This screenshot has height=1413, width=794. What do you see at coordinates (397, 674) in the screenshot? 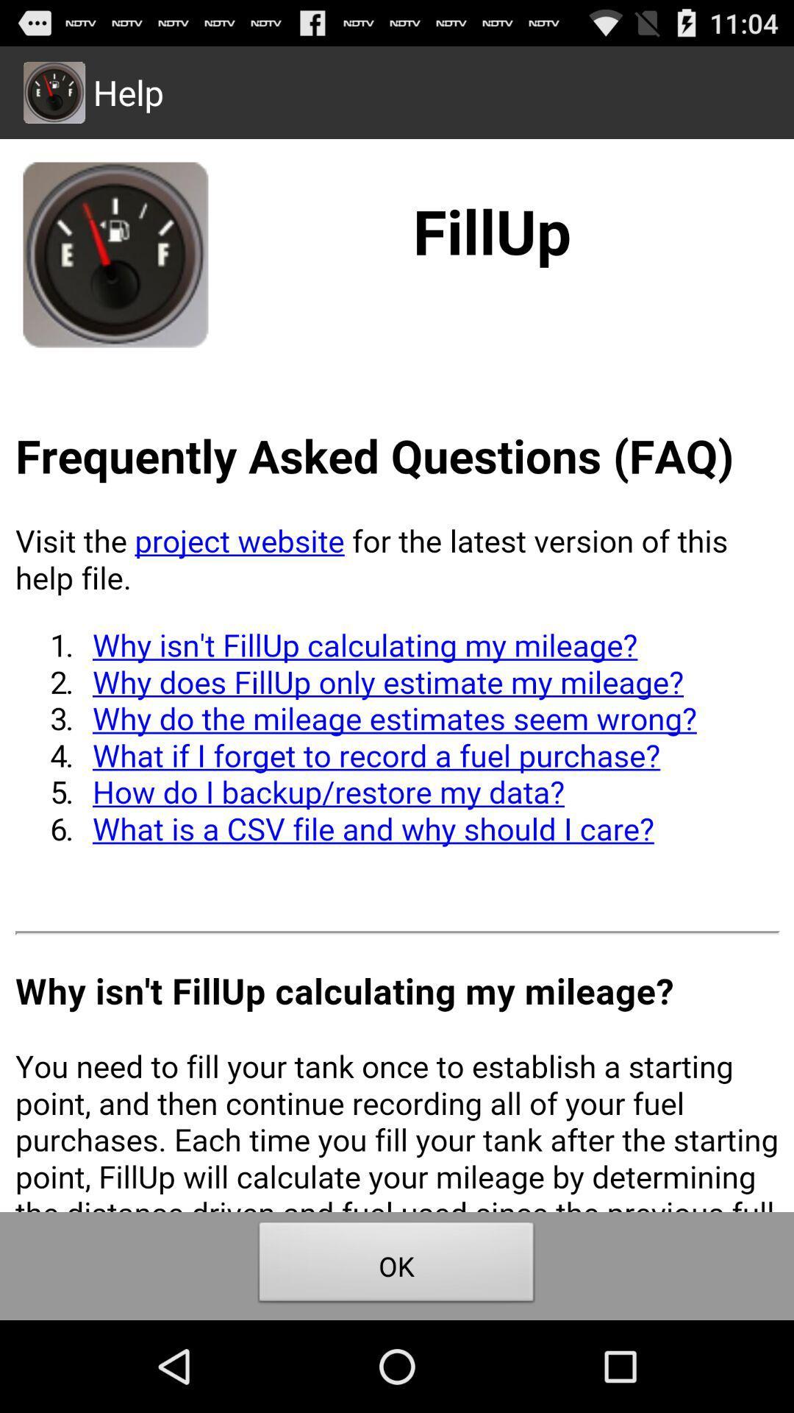
I see `kilometer` at bounding box center [397, 674].